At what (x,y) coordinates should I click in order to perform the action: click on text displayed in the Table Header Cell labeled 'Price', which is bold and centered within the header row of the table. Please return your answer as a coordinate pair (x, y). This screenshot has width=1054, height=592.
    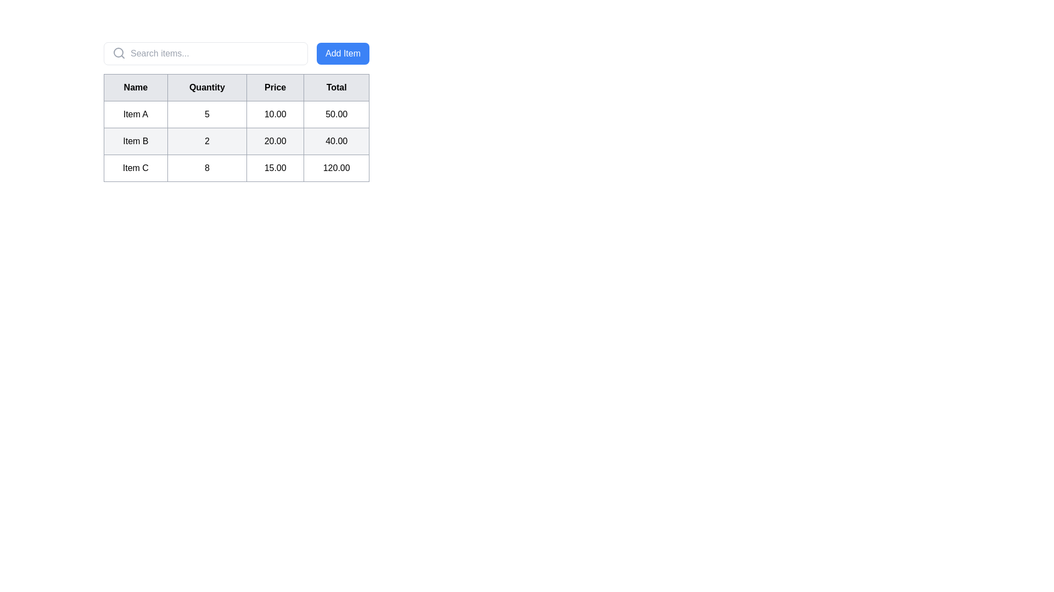
    Looking at the image, I should click on (275, 87).